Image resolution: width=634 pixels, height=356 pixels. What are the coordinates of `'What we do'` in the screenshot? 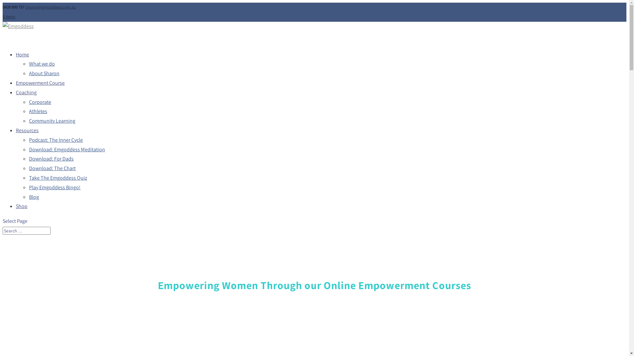 It's located at (41, 64).